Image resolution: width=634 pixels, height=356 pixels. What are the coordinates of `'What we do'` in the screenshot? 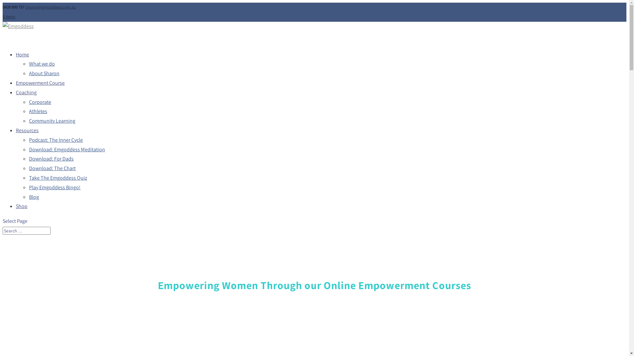 It's located at (41, 64).